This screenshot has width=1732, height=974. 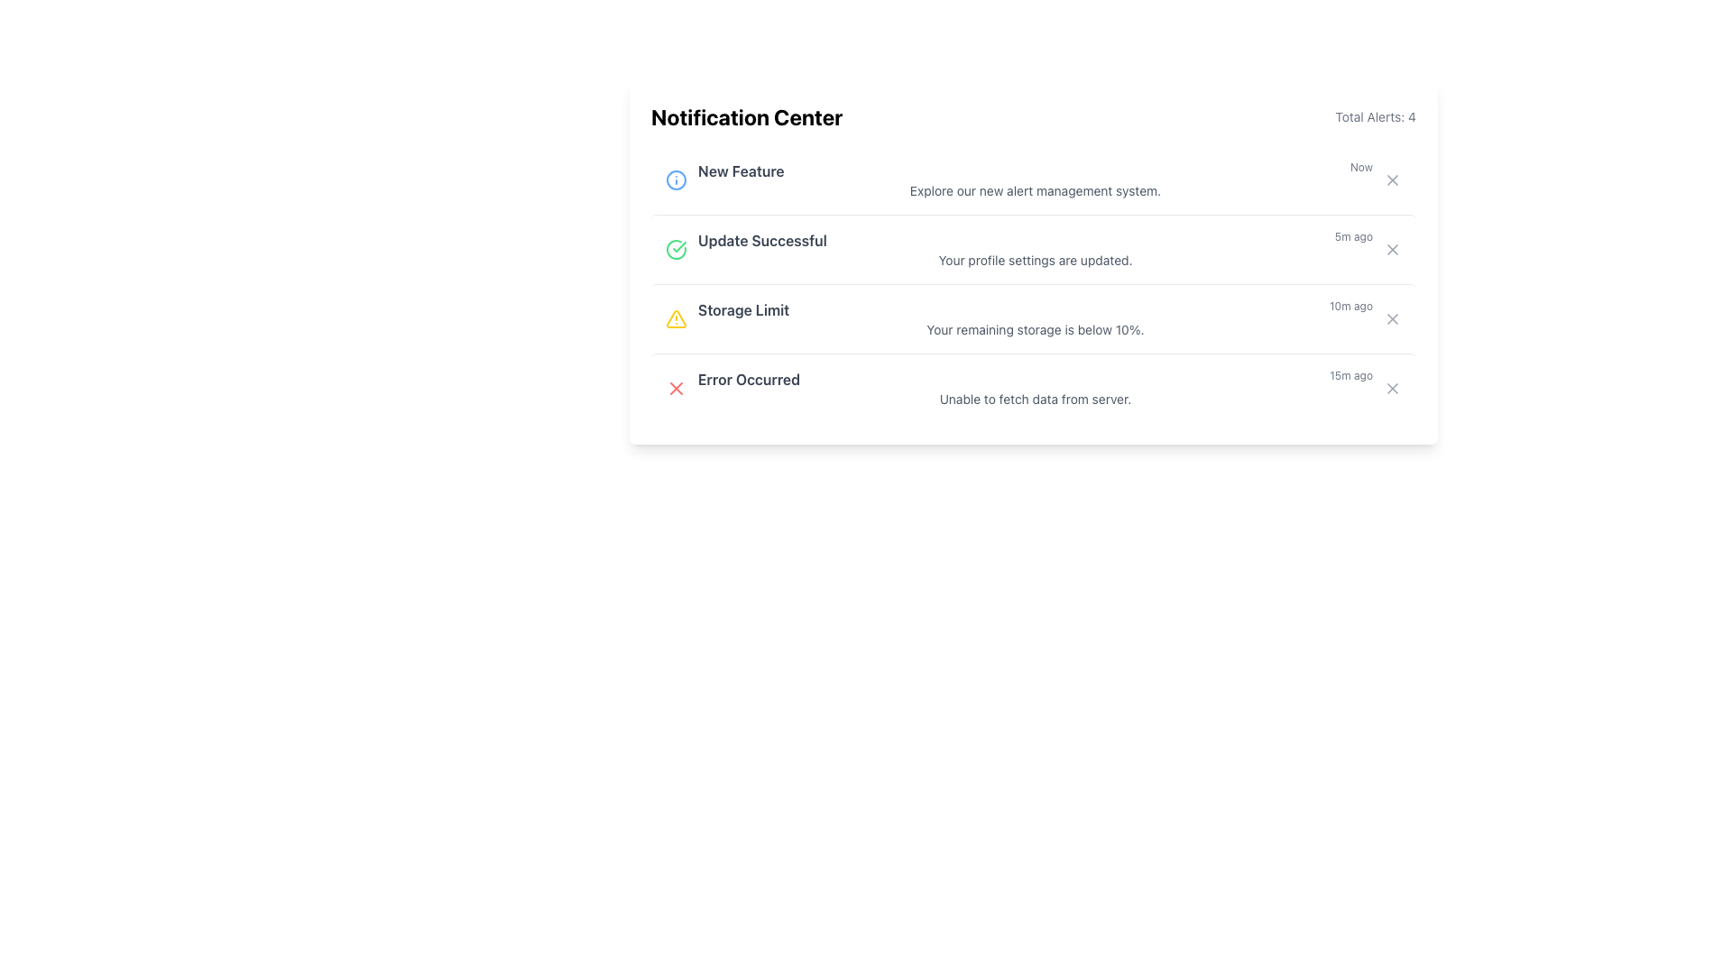 I want to click on the notification message titled 'Update Successful', which includes the timestamp '5m ago' and the message 'Your profile settings are updated.' This notification is the second in the list within the 'Notification Center', so click(x=1035, y=250).